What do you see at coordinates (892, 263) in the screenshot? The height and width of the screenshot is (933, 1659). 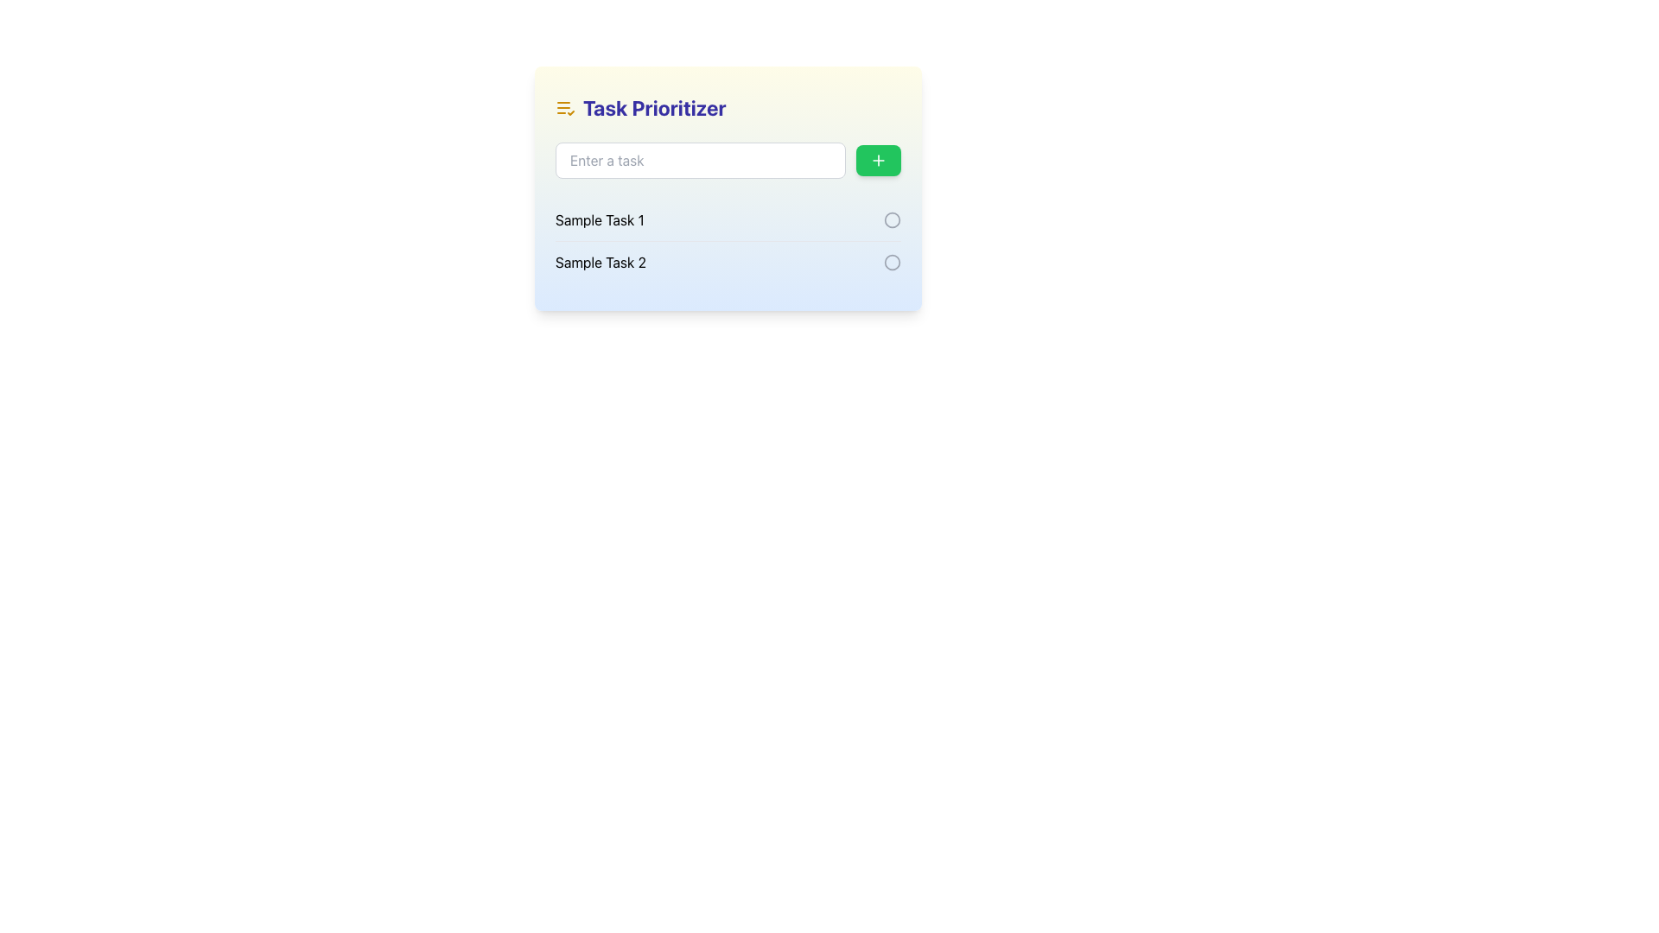 I see `the interactive circular icon styled as a button or toggle, which is the second interaction element after 'Sample Task 2'` at bounding box center [892, 263].